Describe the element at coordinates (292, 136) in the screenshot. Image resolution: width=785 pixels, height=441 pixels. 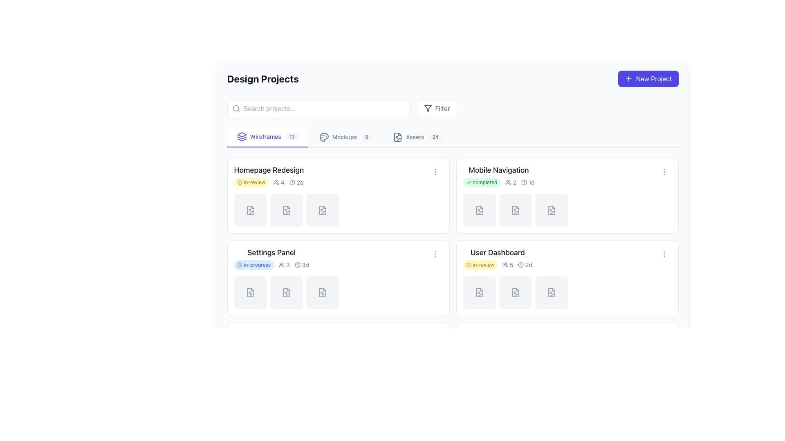
I see `the numerical indicator badge located at the far right of the 'Wireframes' section, adjacent to the SVG icon` at that location.